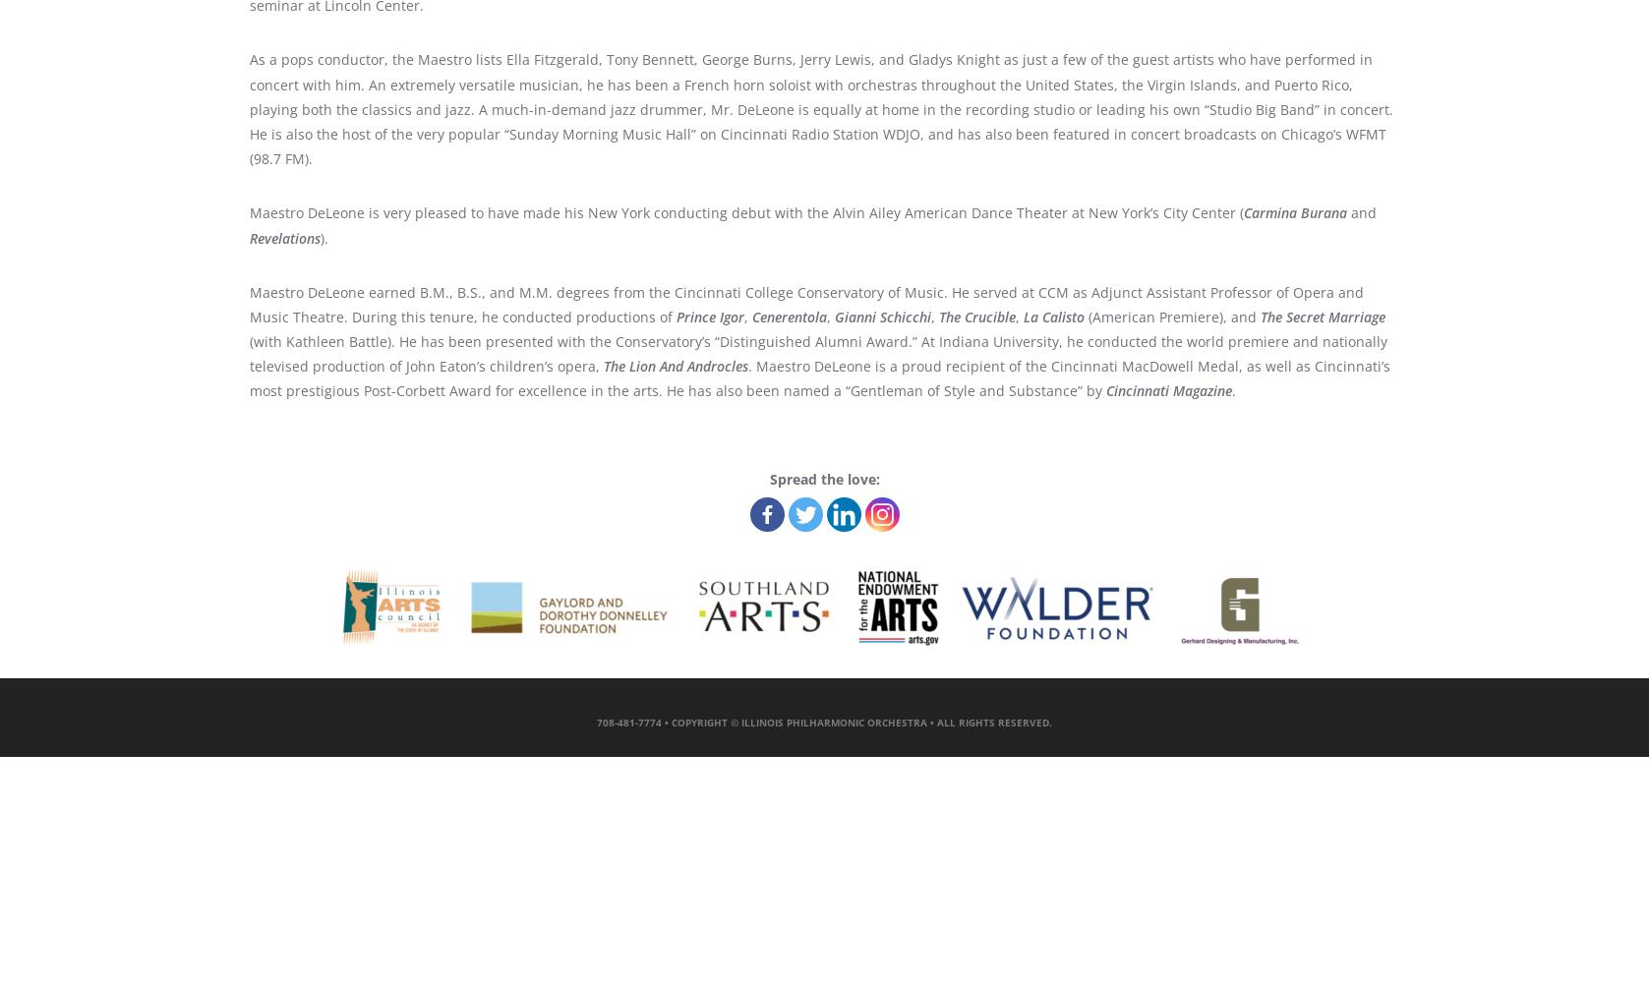 The height and width of the screenshot is (983, 1649). Describe the element at coordinates (1167, 390) in the screenshot. I see `'Cincinnati Magazine'` at that location.